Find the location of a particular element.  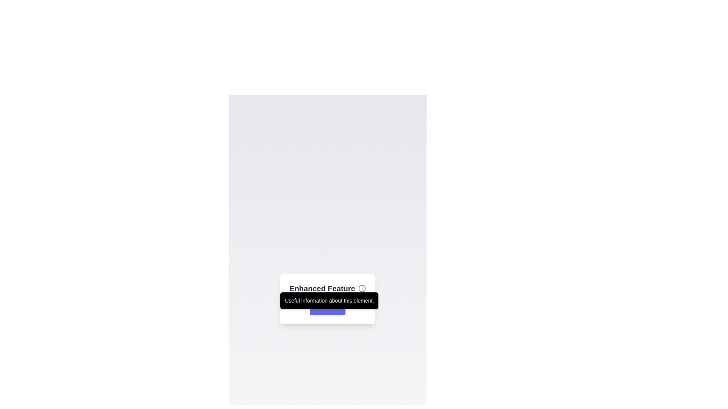

the small circular icon with a gray border and hollow interior located to the right of the 'Enhanced Feature' text is located at coordinates (361, 289).